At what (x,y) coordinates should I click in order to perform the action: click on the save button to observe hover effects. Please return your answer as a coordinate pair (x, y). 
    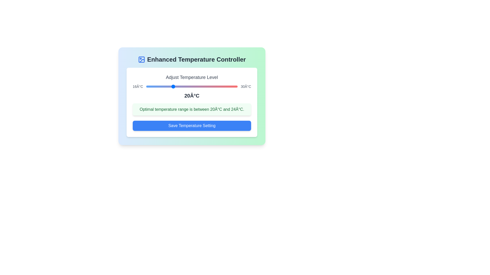
    Looking at the image, I should click on (192, 126).